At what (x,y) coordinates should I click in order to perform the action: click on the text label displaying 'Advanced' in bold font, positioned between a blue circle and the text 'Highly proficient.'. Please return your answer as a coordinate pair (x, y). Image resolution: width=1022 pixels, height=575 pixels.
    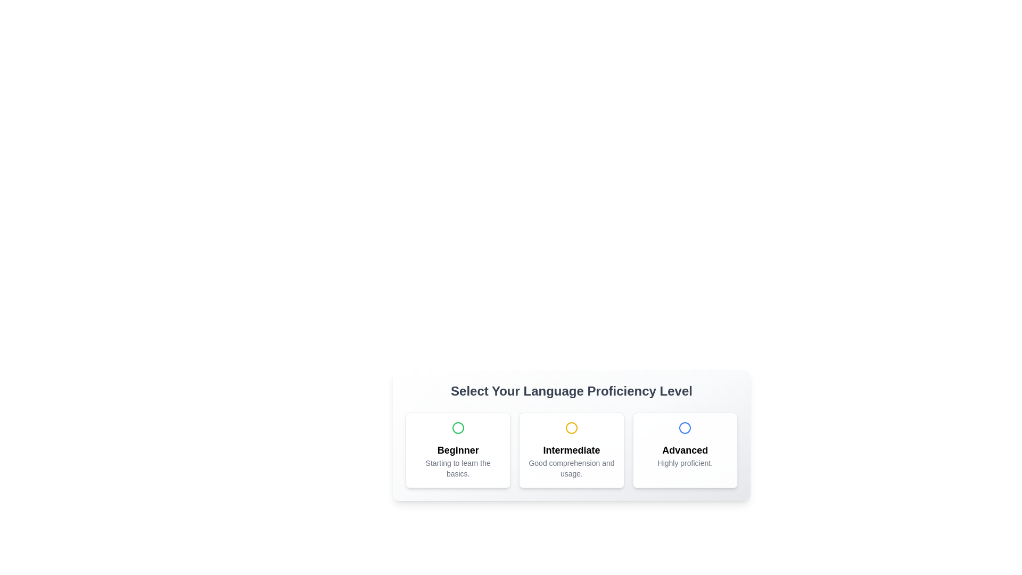
    Looking at the image, I should click on (685, 450).